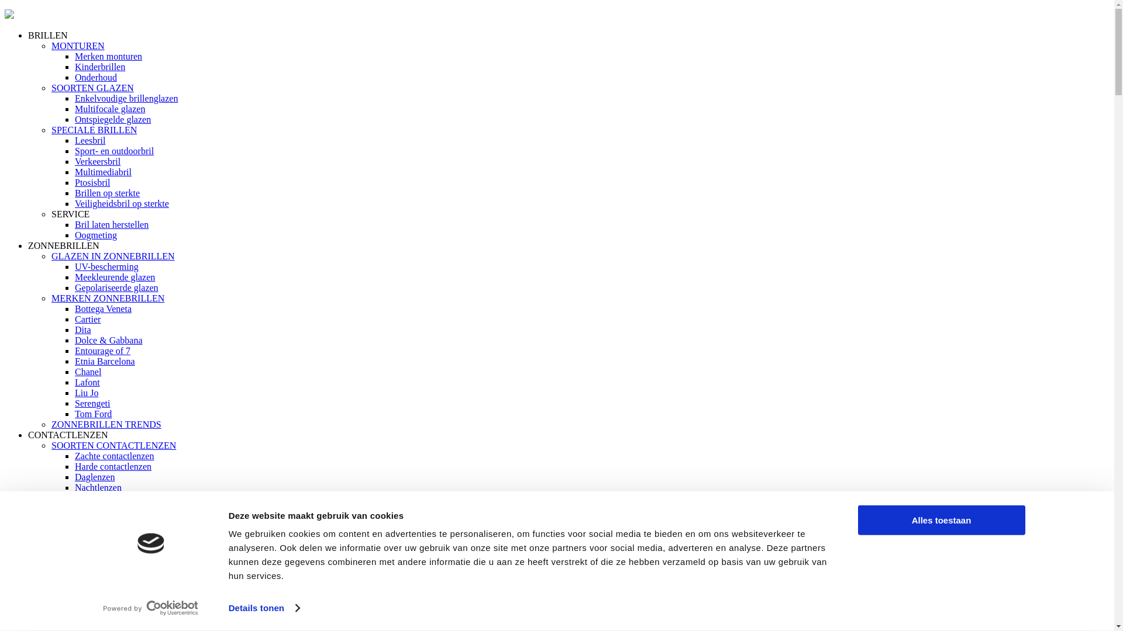  I want to click on 'Onderhoud', so click(95, 77).